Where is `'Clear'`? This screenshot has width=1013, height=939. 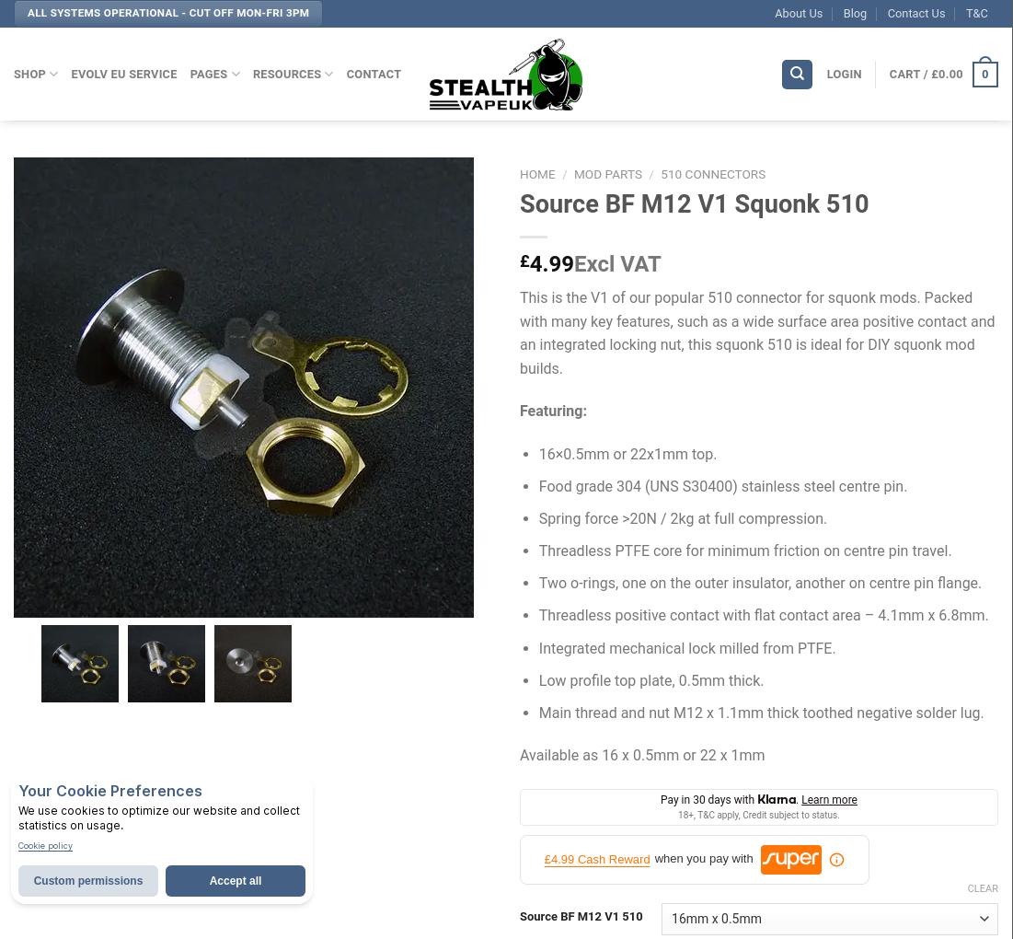 'Clear' is located at coordinates (982, 887).